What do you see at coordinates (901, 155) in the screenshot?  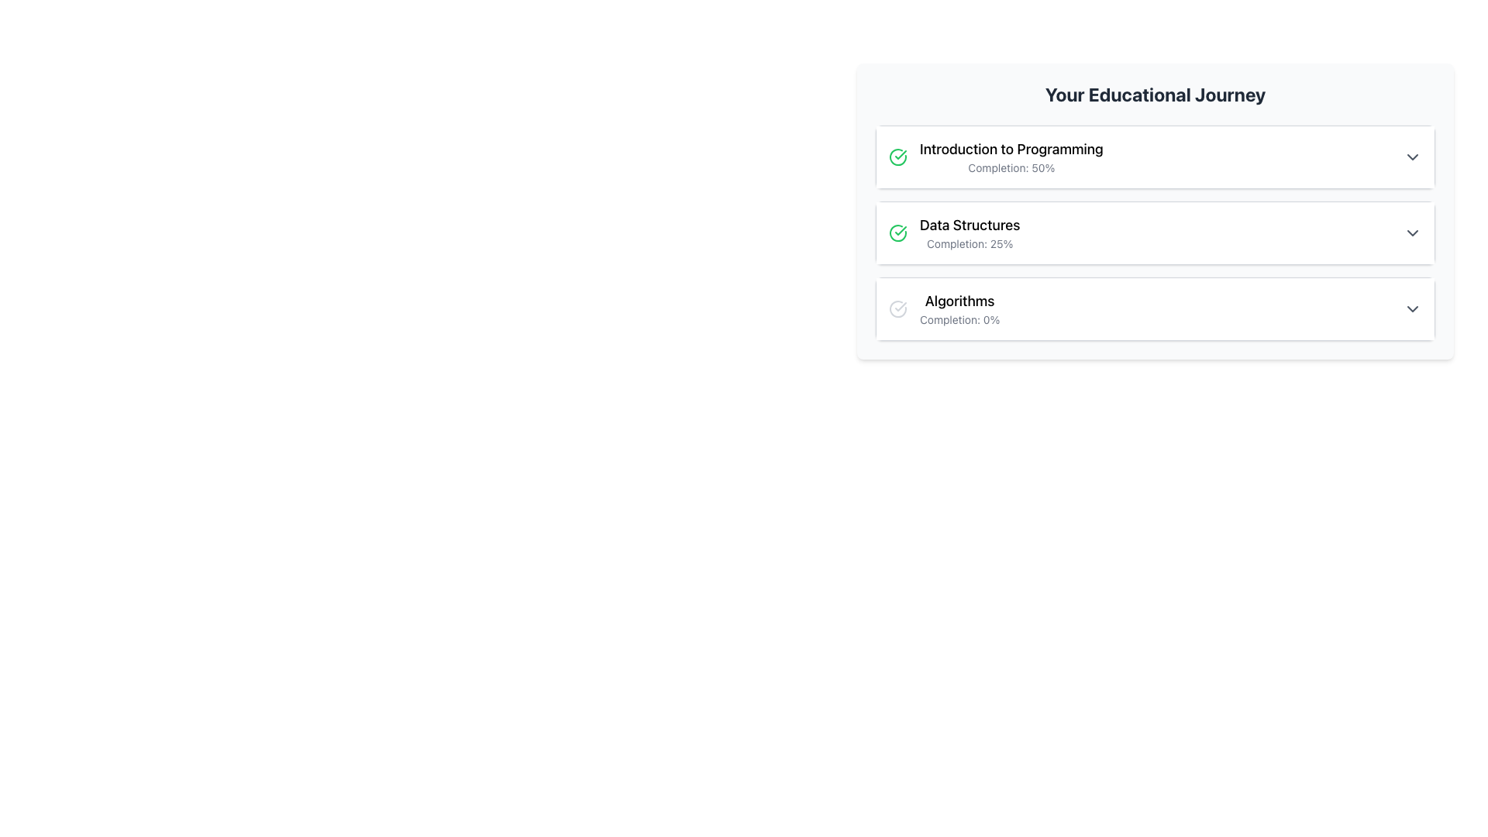 I see `the Checkmark Icon which indicates the completion status for the 'Data Structures' section` at bounding box center [901, 155].